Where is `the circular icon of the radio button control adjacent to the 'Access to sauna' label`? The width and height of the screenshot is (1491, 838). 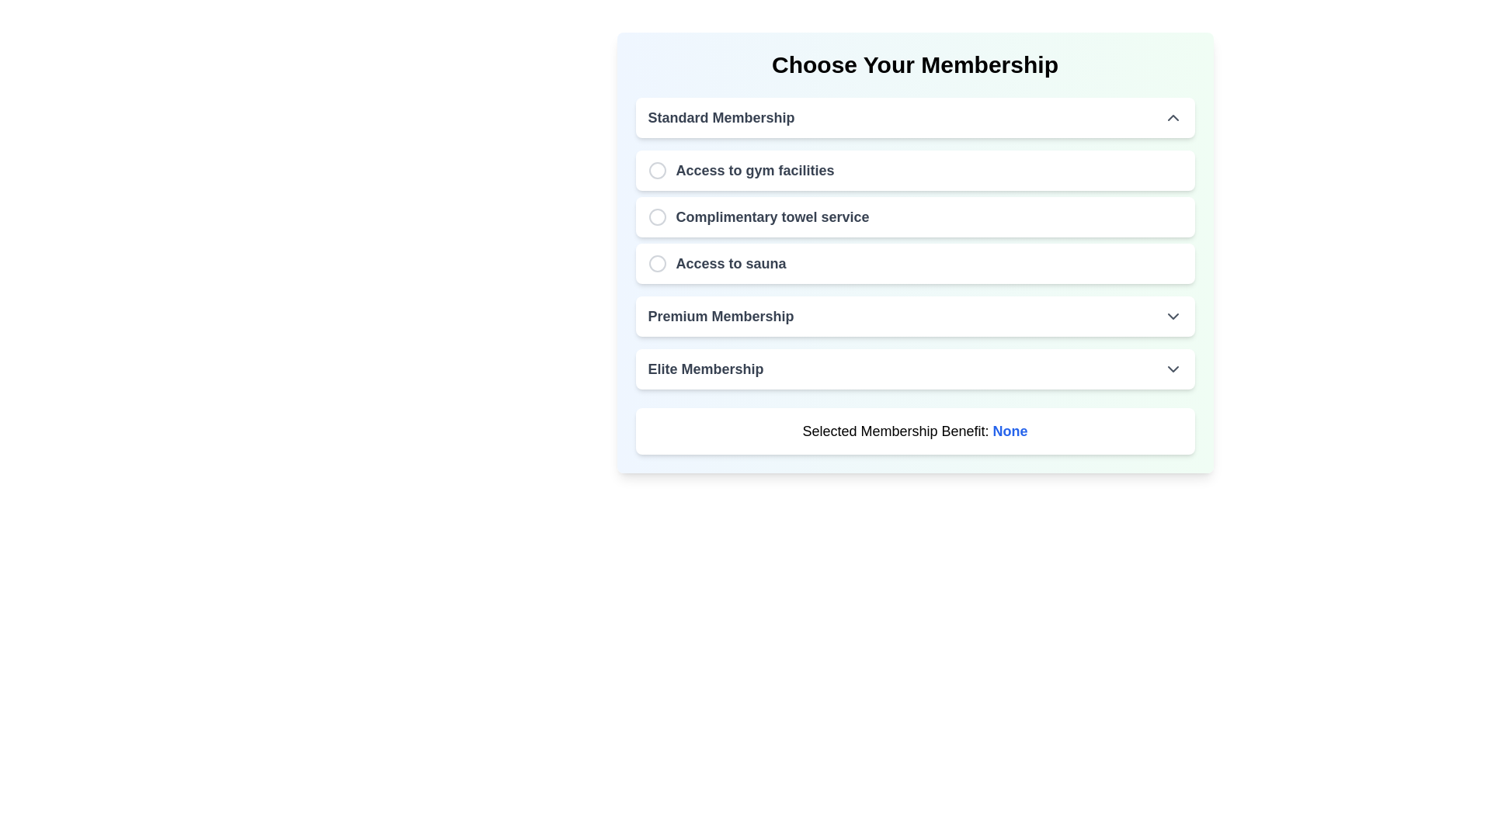 the circular icon of the radio button control adjacent to the 'Access to sauna' label is located at coordinates (657, 262).